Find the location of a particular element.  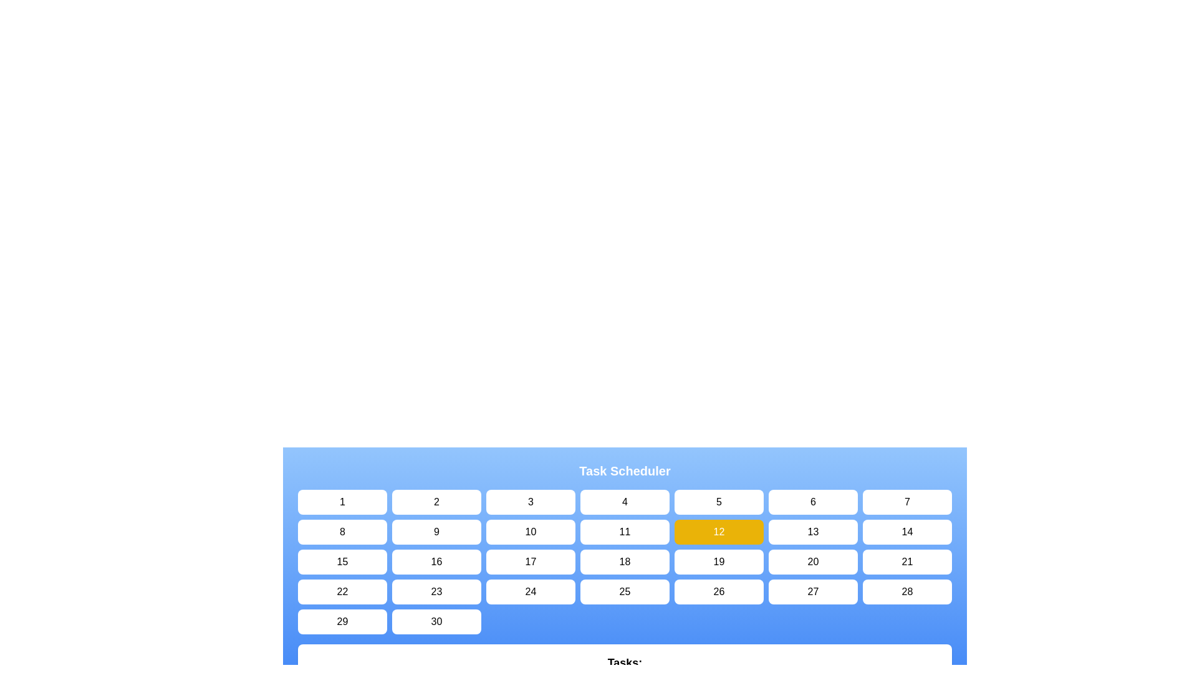

the button labeled '17' which has rounded edges, a white background, and black text is located at coordinates (531, 562).